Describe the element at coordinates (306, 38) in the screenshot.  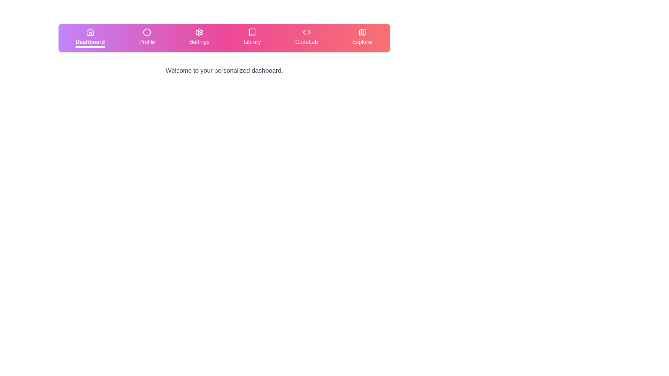
I see `the tab labeled CodeLab to observe the visual feedback` at that location.